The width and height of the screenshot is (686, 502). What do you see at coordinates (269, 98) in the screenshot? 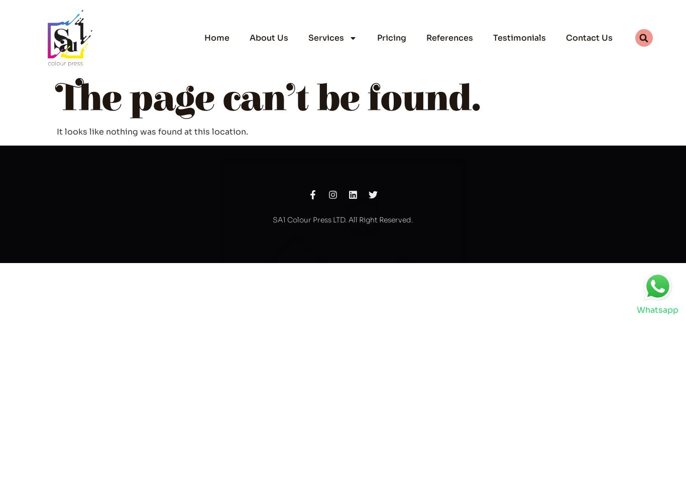
I see `'The page can’t be found.'` at bounding box center [269, 98].